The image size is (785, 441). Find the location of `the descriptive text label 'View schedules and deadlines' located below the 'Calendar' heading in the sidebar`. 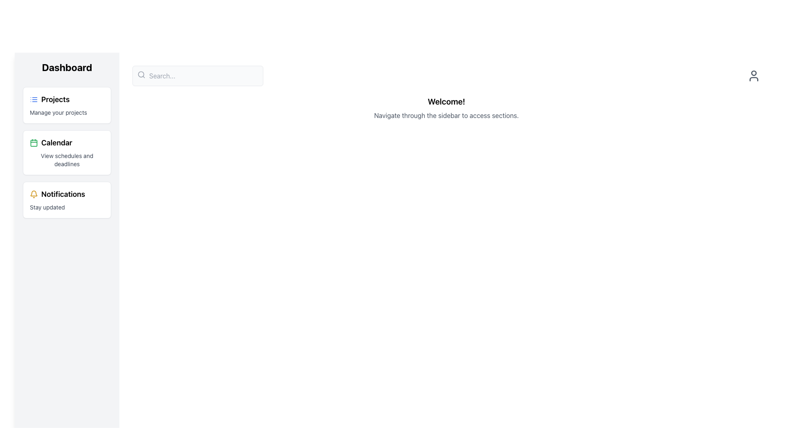

the descriptive text label 'View schedules and deadlines' located below the 'Calendar' heading in the sidebar is located at coordinates (67, 160).